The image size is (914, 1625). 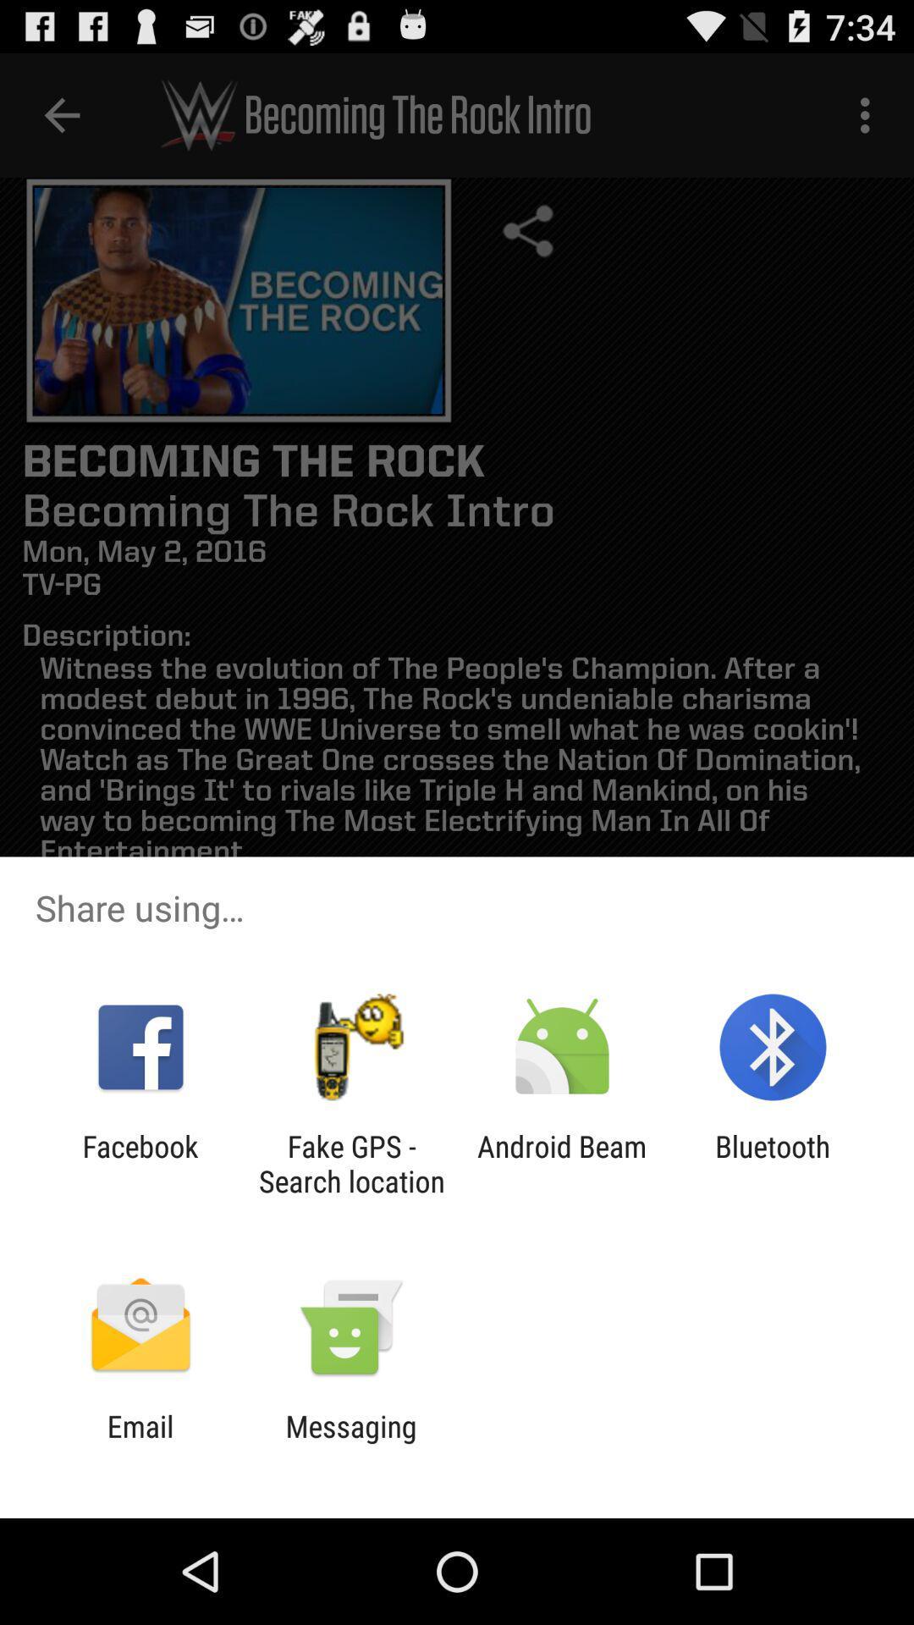 What do you see at coordinates (562, 1163) in the screenshot?
I see `app to the left of the bluetooth app` at bounding box center [562, 1163].